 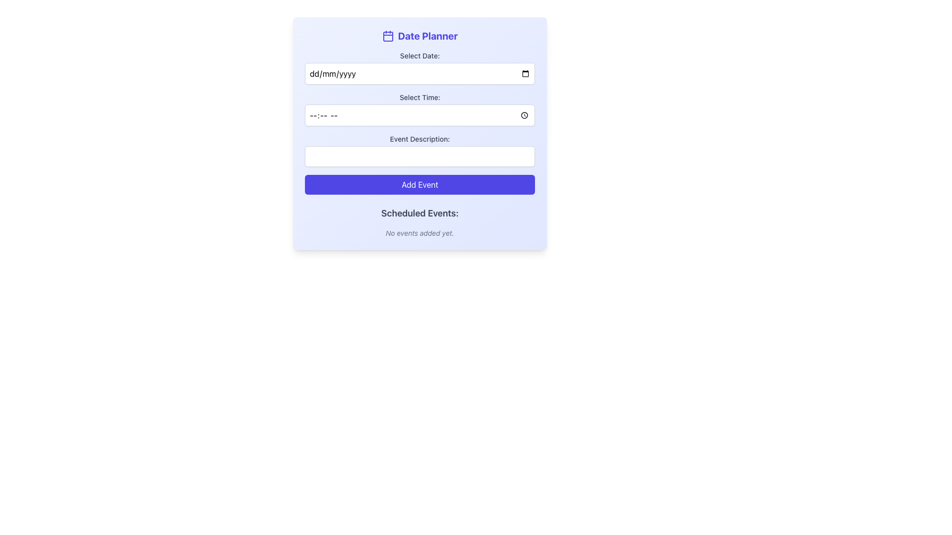 What do you see at coordinates (387, 36) in the screenshot?
I see `the calendar icon located to the left of the 'Date Planner' text at the top of the interface` at bounding box center [387, 36].